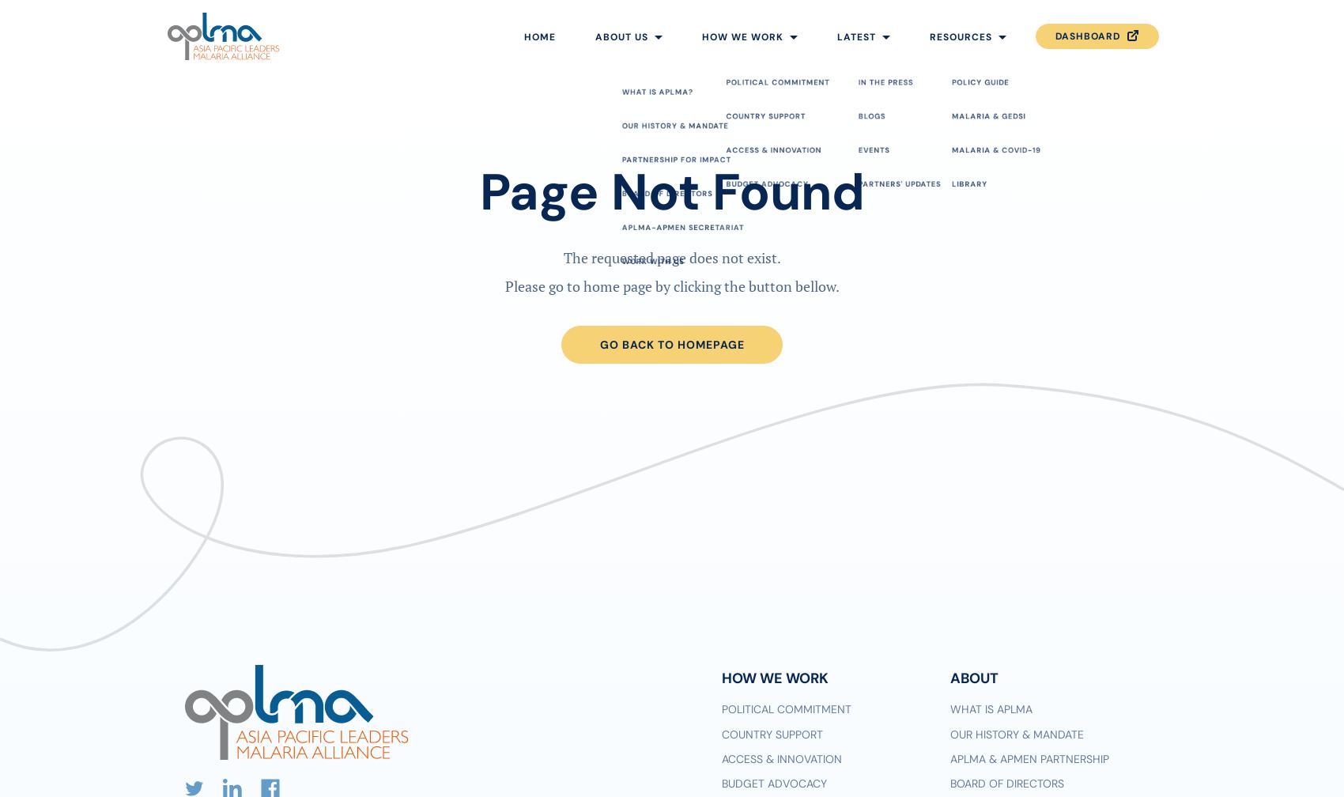  Describe the element at coordinates (1029, 758) in the screenshot. I see `'APLMA & APMEN Partnership'` at that location.